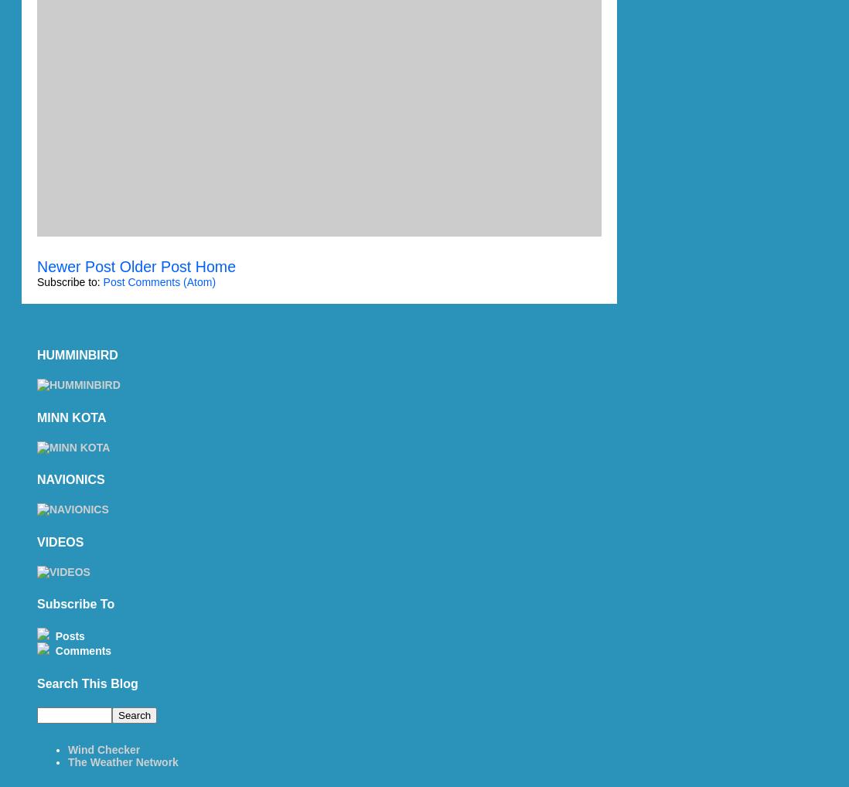  Describe the element at coordinates (70, 479) in the screenshot. I see `'NAVIONICS'` at that location.